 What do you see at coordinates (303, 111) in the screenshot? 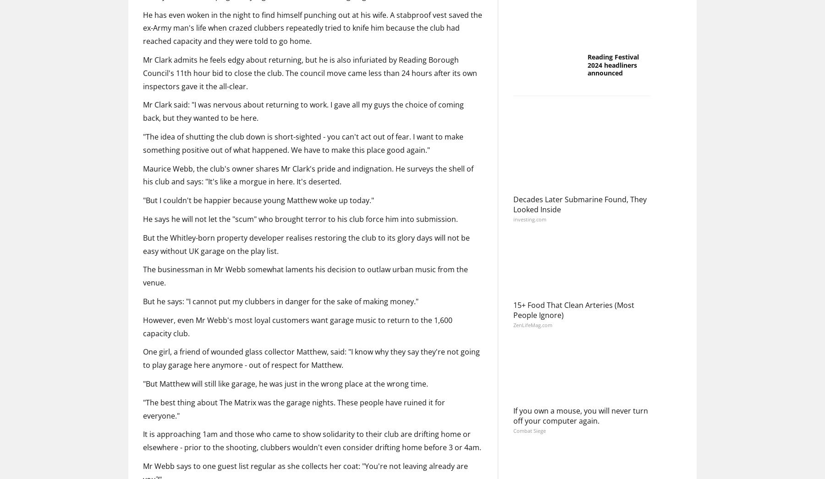
I see `'Mr Clark said: "I was nervous about returning to work. I gave all my guys the choice of coming back, but they wanted to be here.'` at bounding box center [303, 111].